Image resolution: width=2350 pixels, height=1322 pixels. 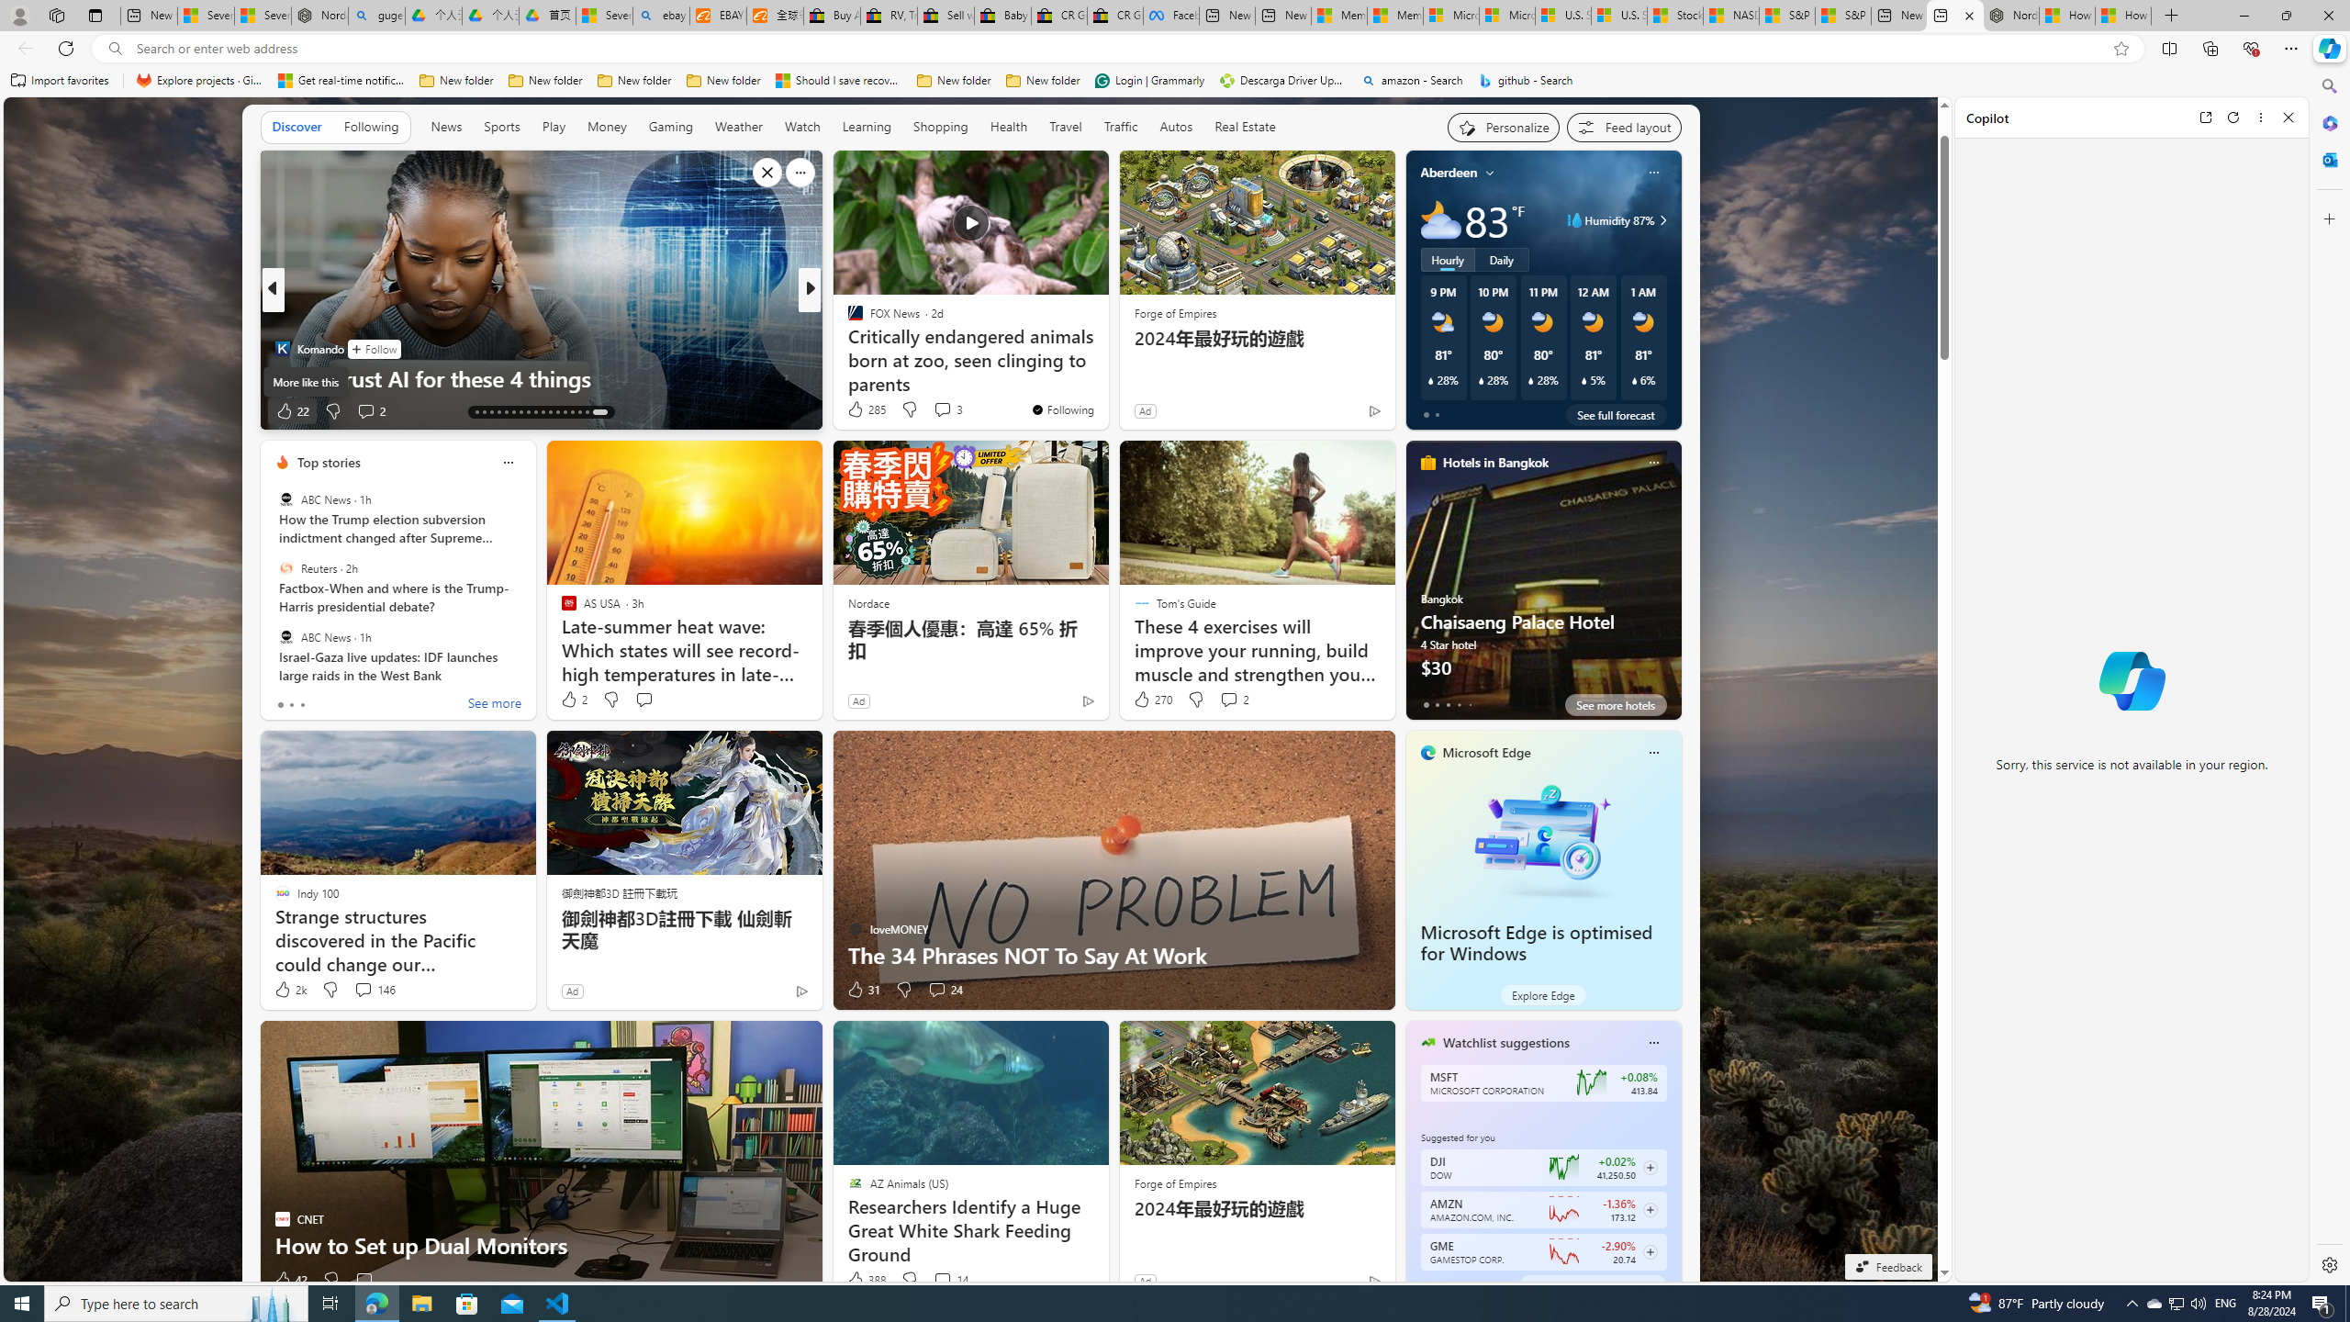 I want to click on 'Top stories', so click(x=329, y=461).